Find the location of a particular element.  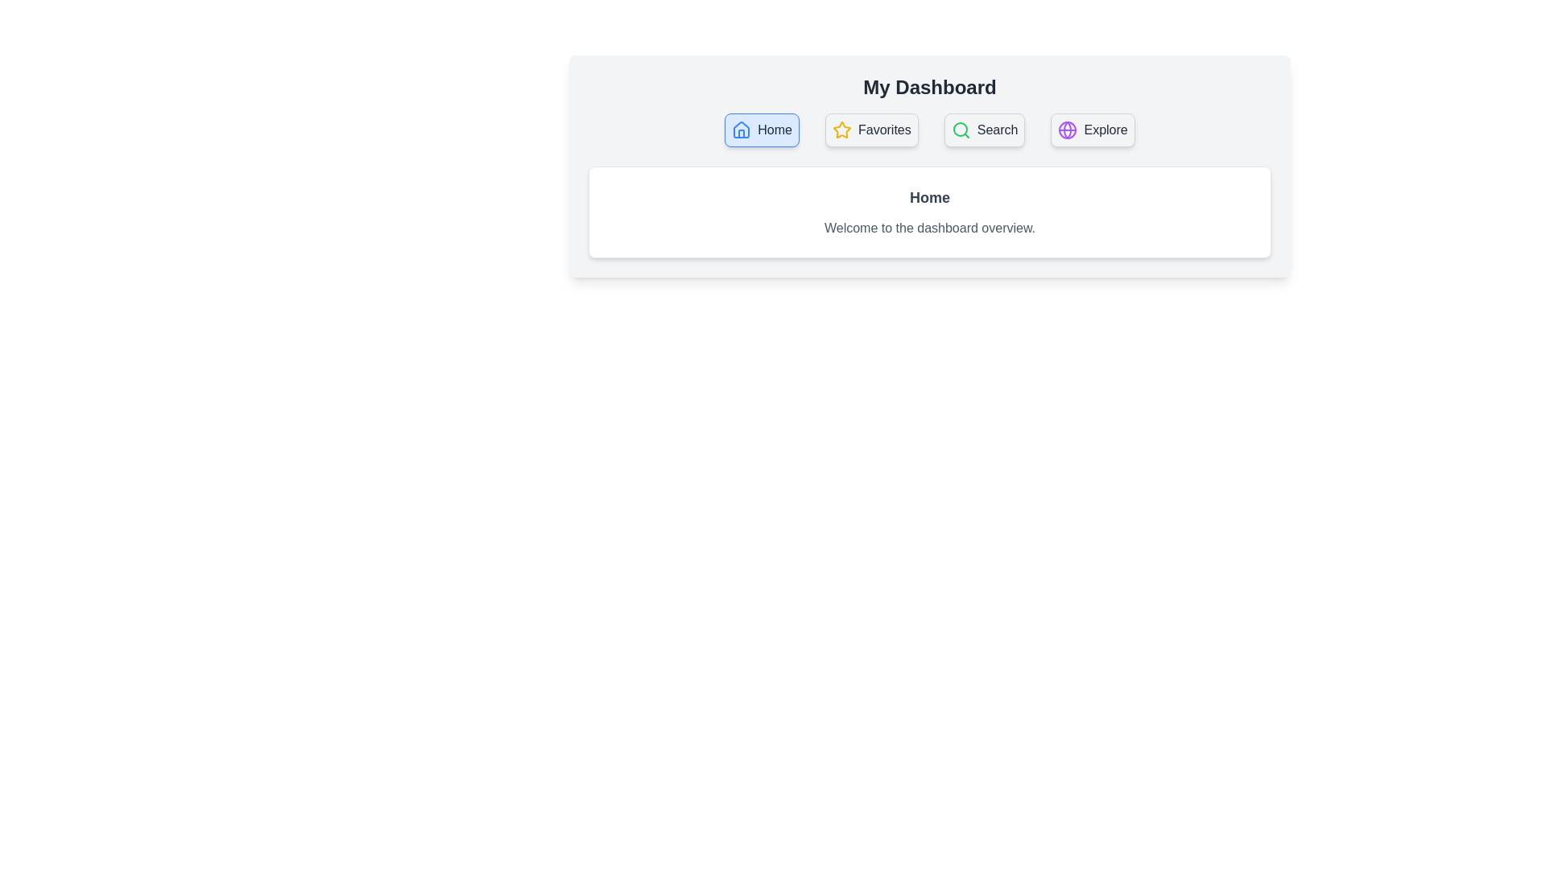

the tab Favorites is located at coordinates (870, 130).